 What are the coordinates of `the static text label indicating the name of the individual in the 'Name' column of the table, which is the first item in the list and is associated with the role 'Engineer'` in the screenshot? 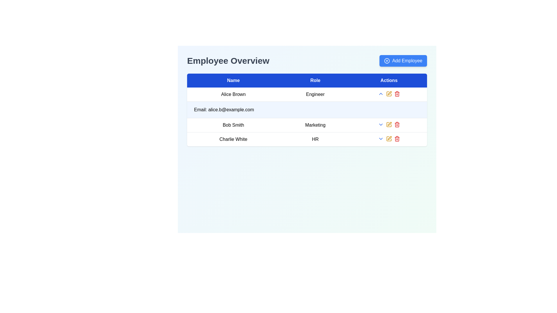 It's located at (233, 94).